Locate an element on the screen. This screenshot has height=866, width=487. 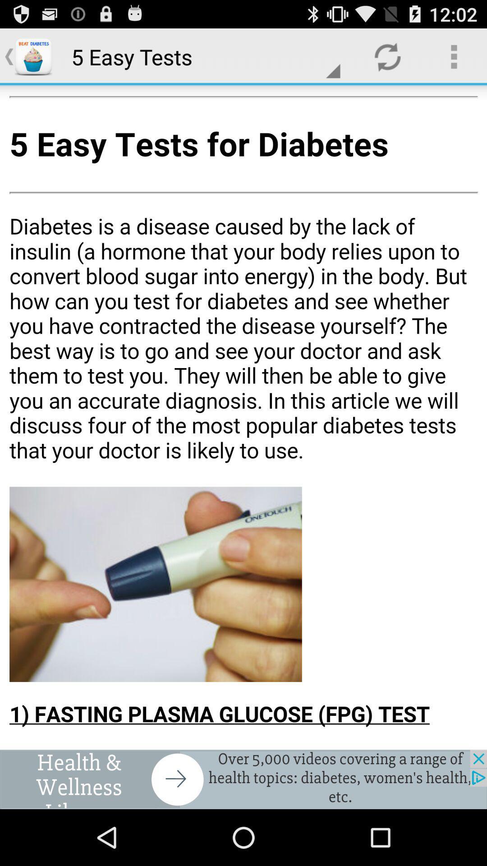
open advertisement is located at coordinates (243, 779).